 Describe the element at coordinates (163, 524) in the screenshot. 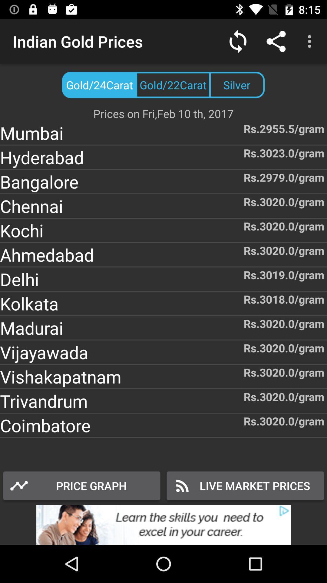

I see `advertisement page` at that location.